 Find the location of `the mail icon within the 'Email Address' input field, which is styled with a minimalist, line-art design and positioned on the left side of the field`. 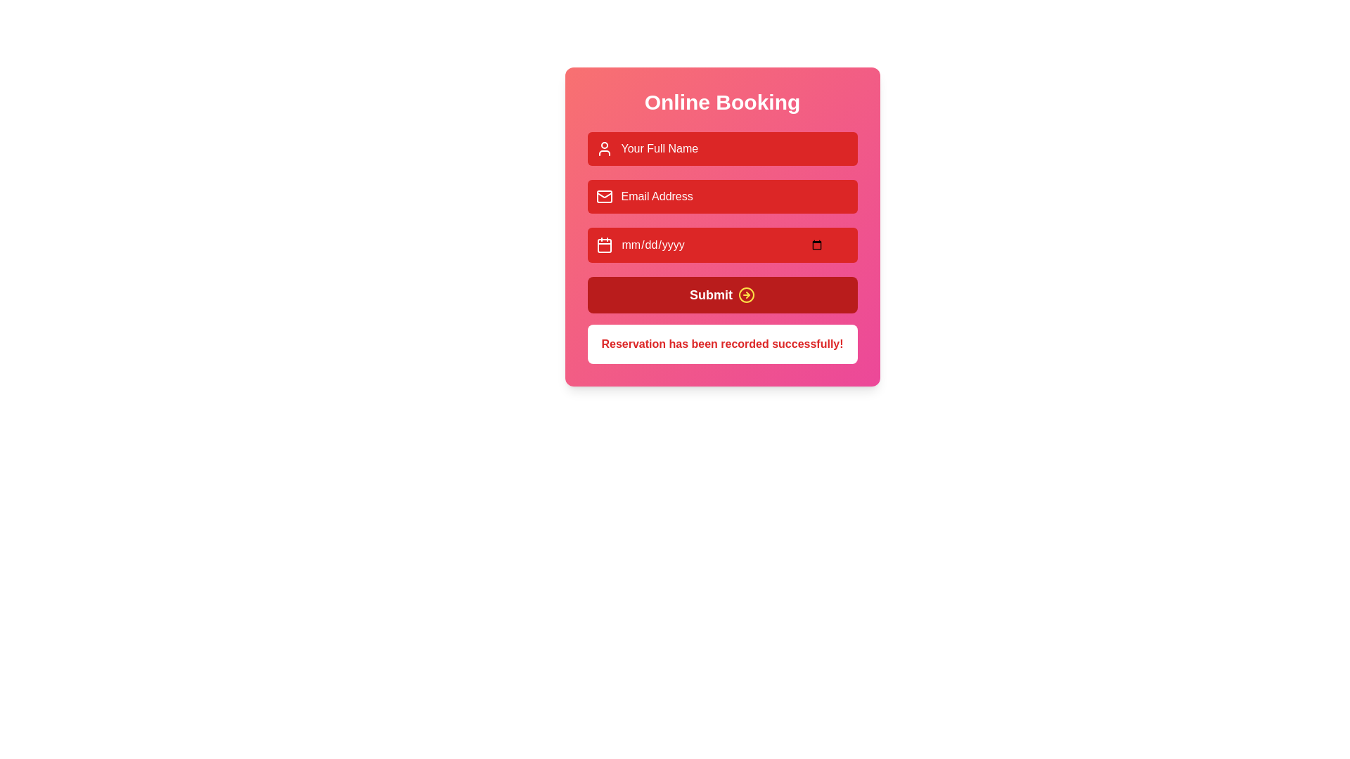

the mail icon within the 'Email Address' input field, which is styled with a minimalist, line-art design and positioned on the left side of the field is located at coordinates (604, 197).